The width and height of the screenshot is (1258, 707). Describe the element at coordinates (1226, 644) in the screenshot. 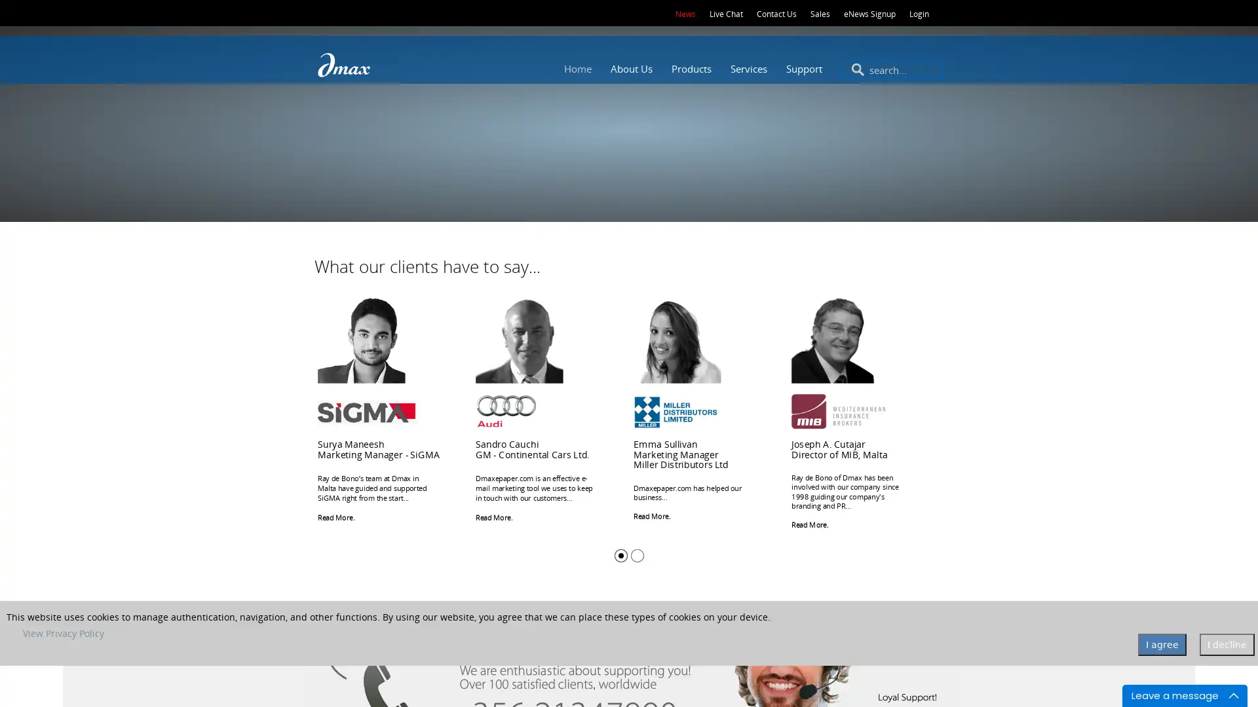

I see `I decline` at that location.